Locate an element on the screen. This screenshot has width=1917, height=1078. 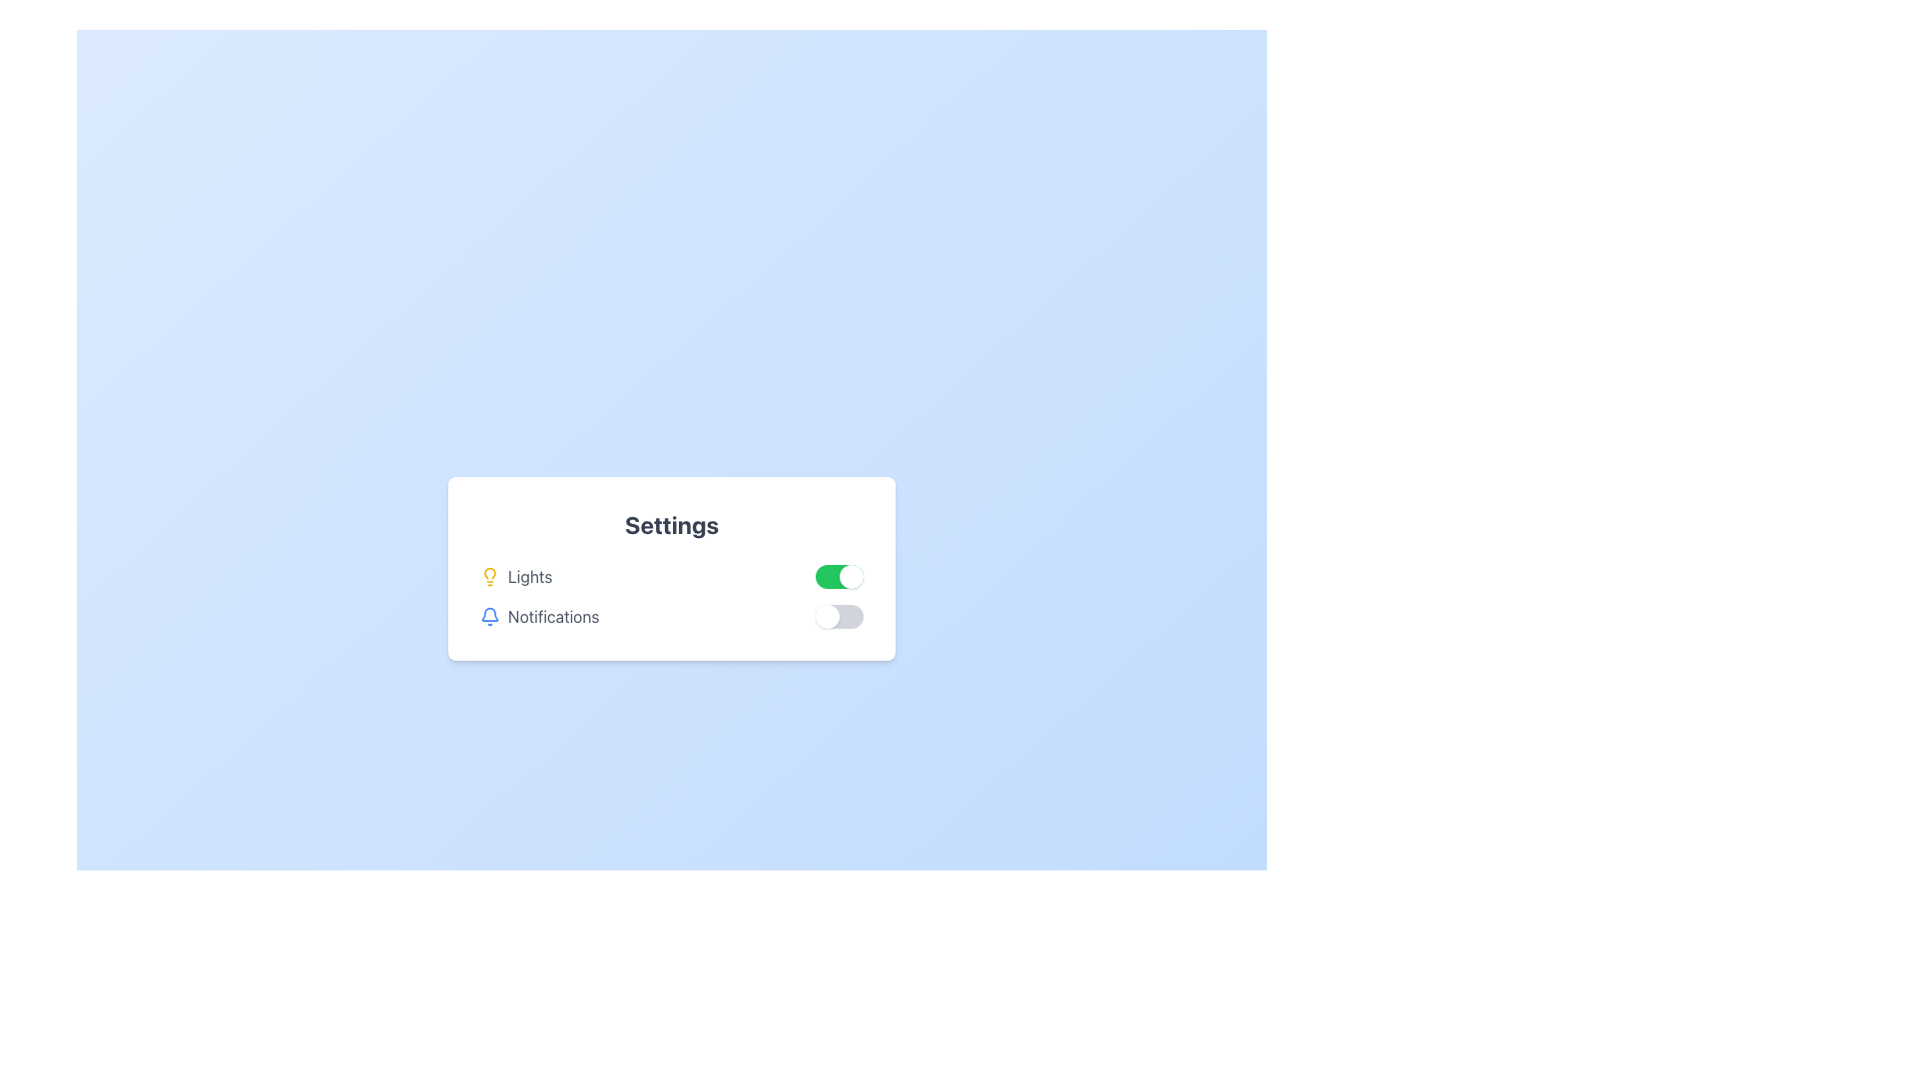
the 'Notifications' text label, which is displayed in gray font and positioned to the right of a blue bell icon within a settings modal is located at coordinates (553, 615).